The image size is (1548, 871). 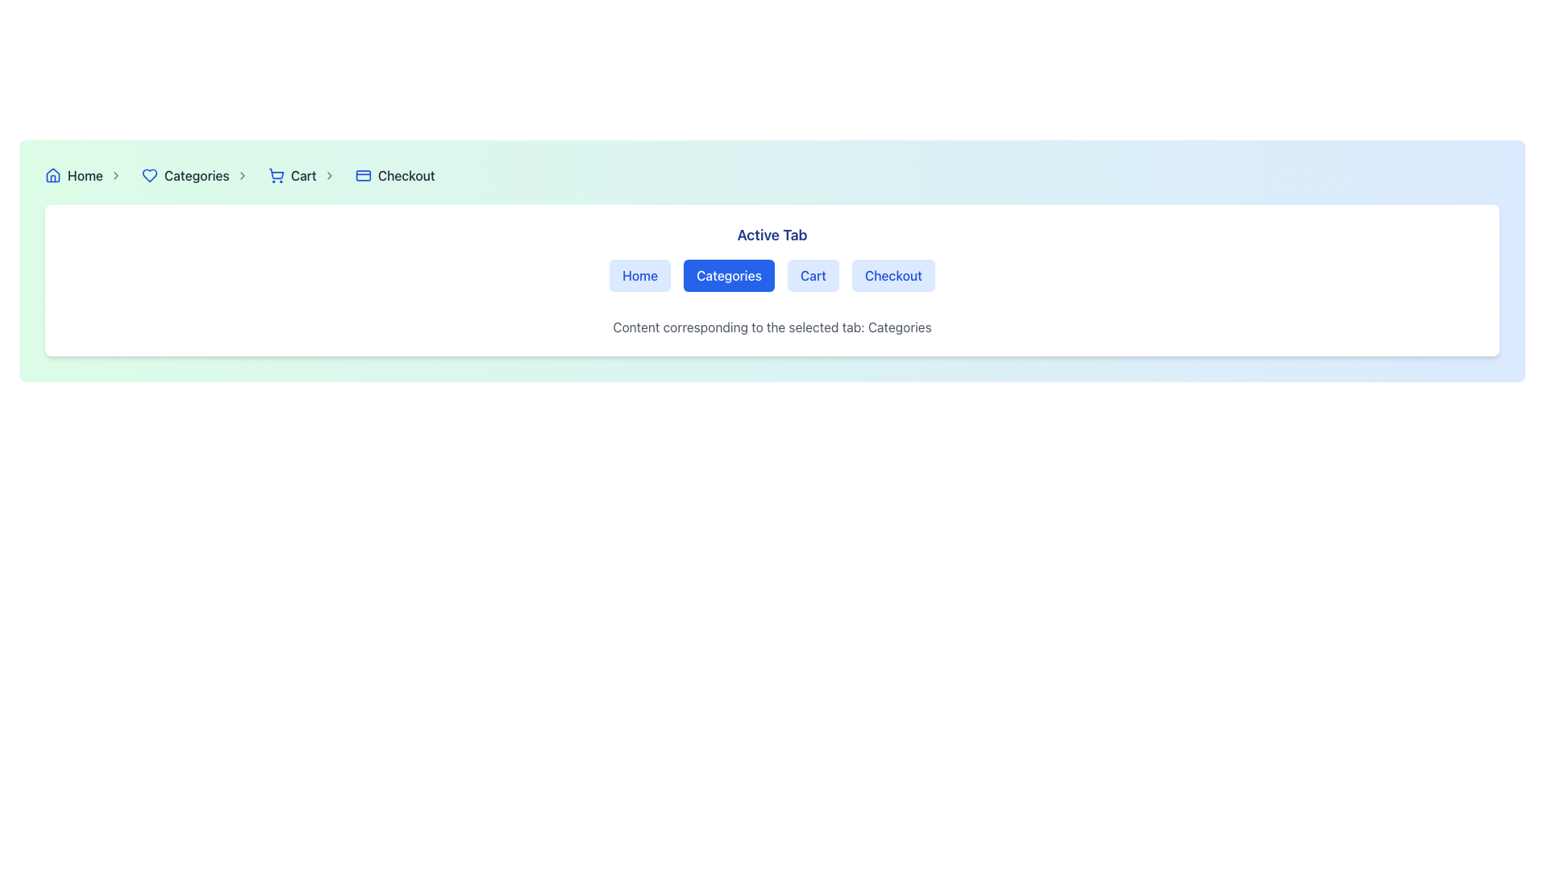 What do you see at coordinates (198, 176) in the screenshot?
I see `'Categories' breadcrumb navigation link for accessibility, which is located between 'Home' and 'Cart' in the breadcrumb trail` at bounding box center [198, 176].